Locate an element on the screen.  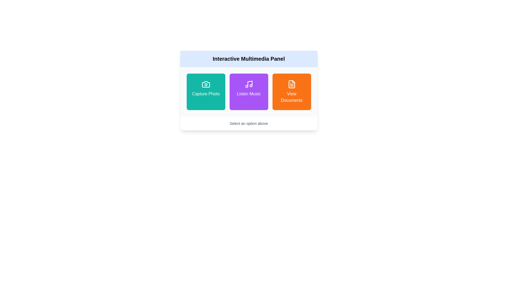
the 'Capture Photo' button located in the first column of the grid layout is located at coordinates (205, 92).